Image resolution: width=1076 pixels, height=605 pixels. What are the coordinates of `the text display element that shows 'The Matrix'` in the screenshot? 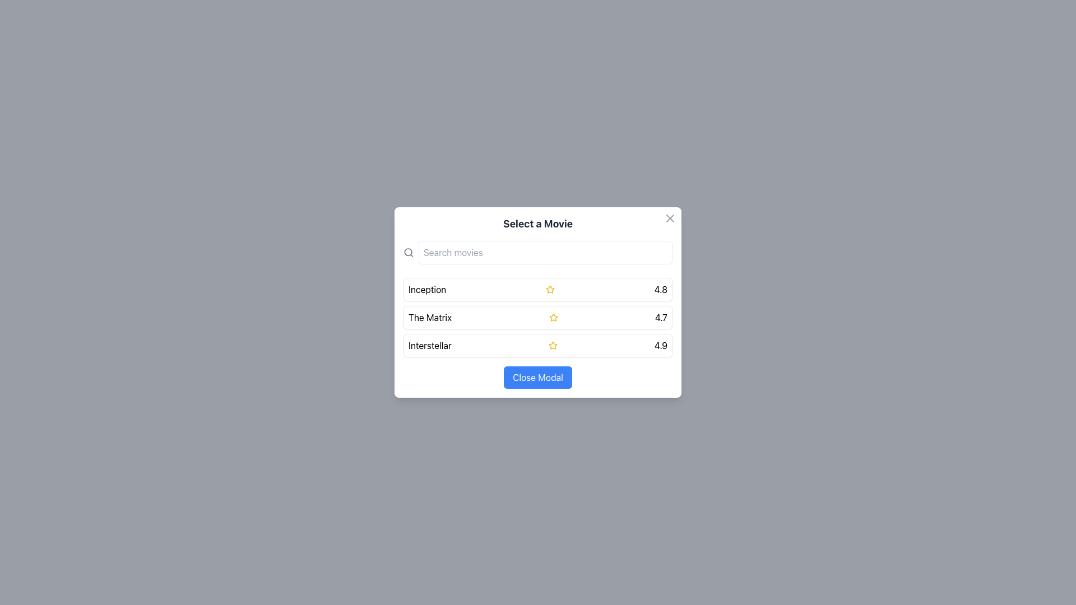 It's located at (429, 318).